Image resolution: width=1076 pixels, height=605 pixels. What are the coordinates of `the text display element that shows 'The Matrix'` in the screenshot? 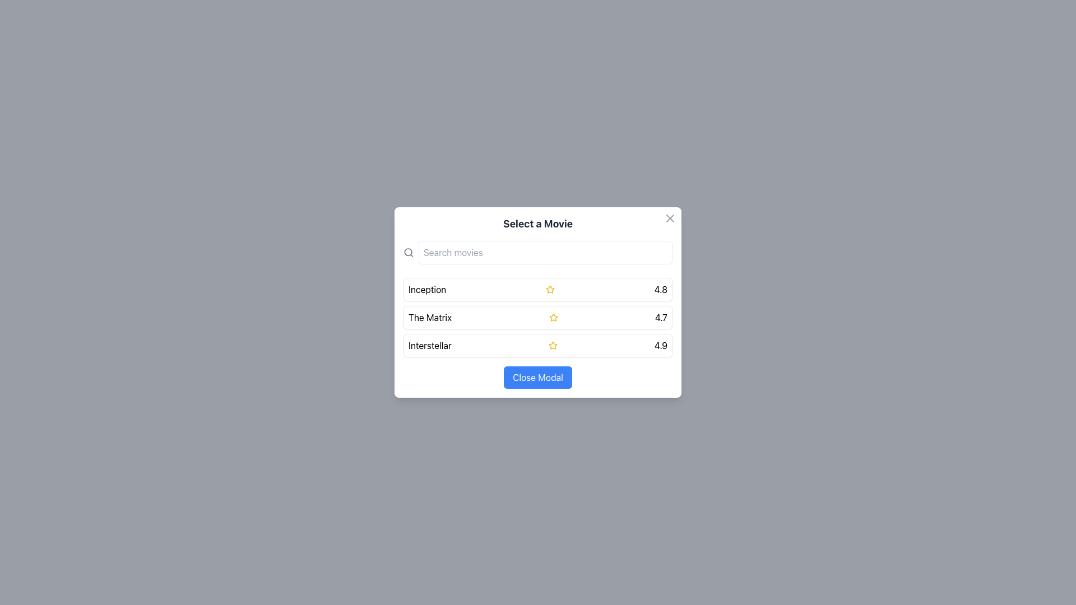 It's located at (429, 318).